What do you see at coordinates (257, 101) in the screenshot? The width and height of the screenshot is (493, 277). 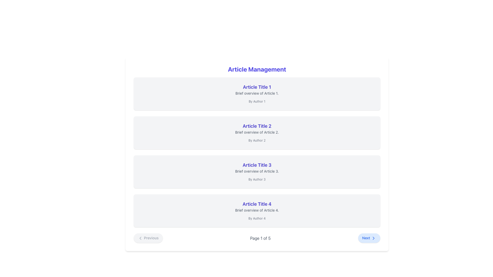 I see `the author attribution text label located at the bottom of the article's description, directly below 'Brief overview of Article 1.'` at bounding box center [257, 101].